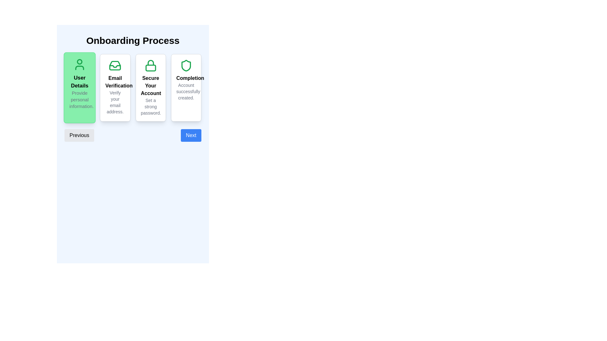 The width and height of the screenshot is (607, 341). I want to click on details displayed on the Informational Card that informs the user about securing their account by setting a strong password, which is the third card in a horizontal list of four cards, so click(150, 87).